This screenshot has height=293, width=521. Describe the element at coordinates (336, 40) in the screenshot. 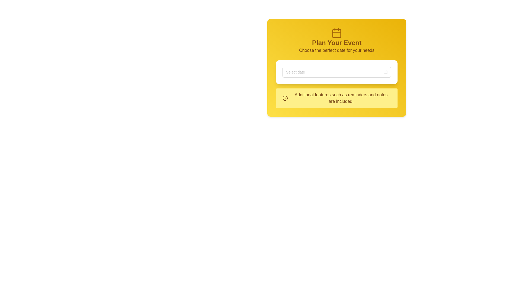

I see `the header text block with an icon located at the top of the yellow-themed card-like UI section, which provides context for user interactions` at that location.